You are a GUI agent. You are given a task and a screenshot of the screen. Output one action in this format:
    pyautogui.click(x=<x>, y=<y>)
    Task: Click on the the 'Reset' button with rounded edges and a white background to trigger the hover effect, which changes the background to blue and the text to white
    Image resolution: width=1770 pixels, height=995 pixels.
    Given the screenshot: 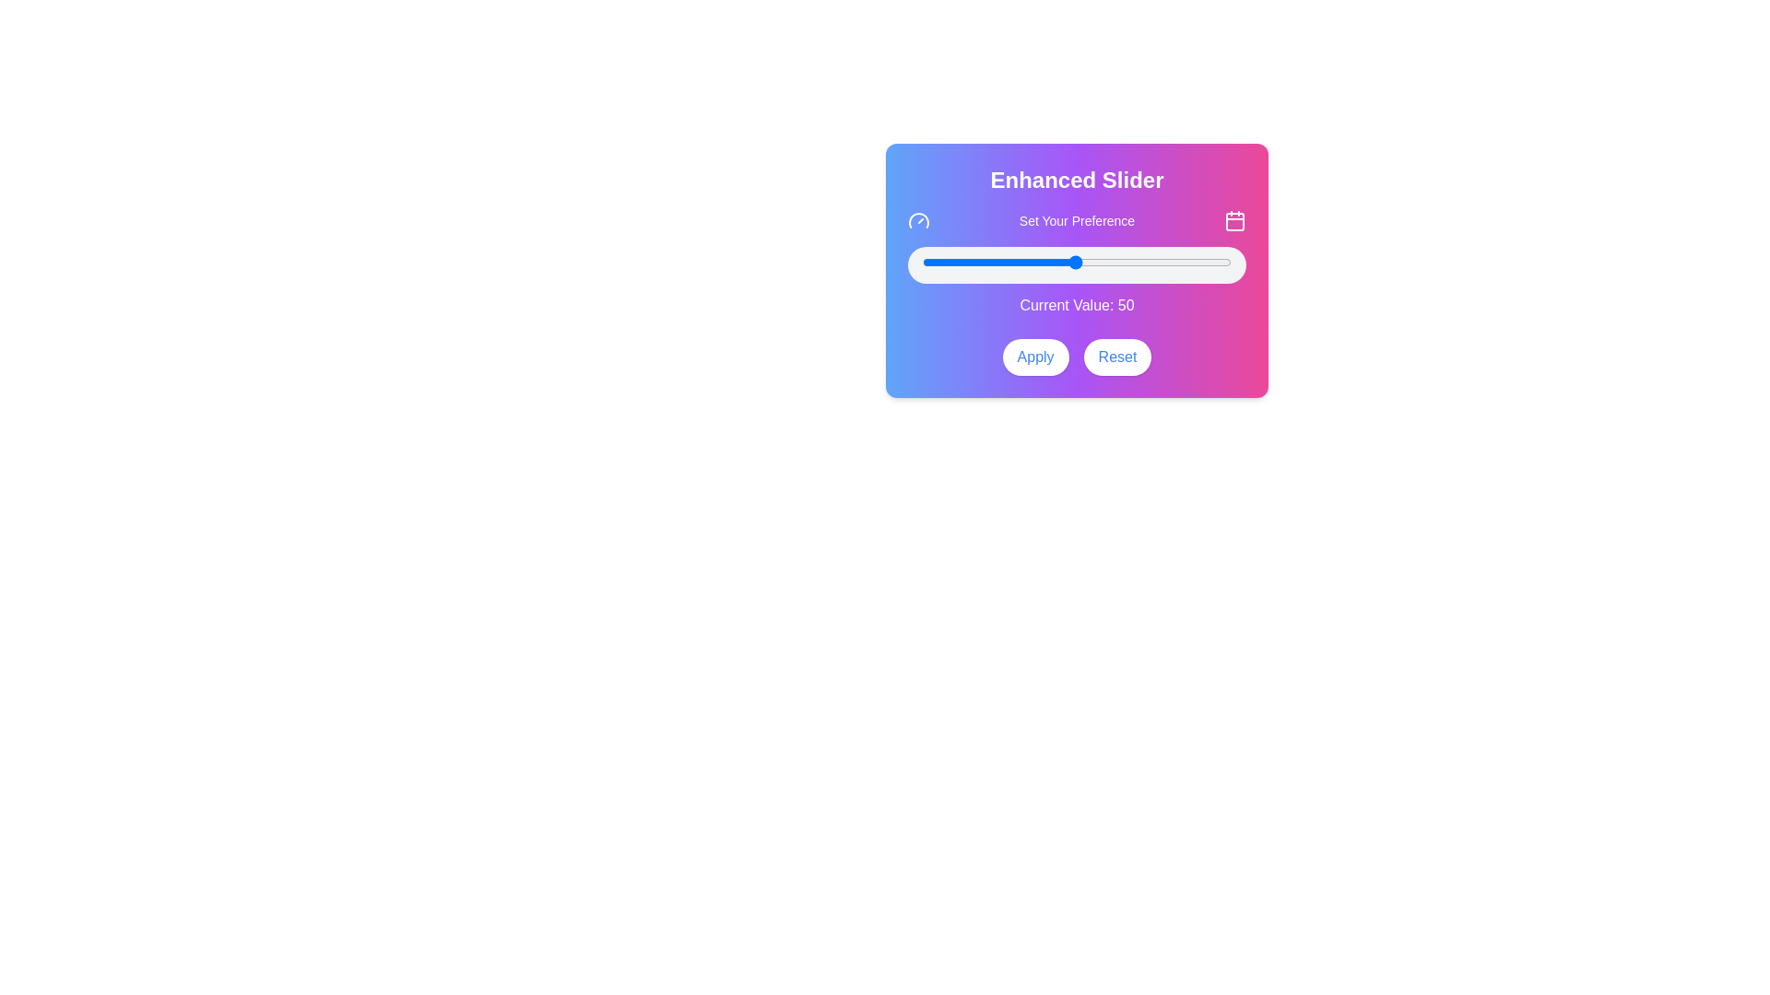 What is the action you would take?
    pyautogui.click(x=1116, y=357)
    